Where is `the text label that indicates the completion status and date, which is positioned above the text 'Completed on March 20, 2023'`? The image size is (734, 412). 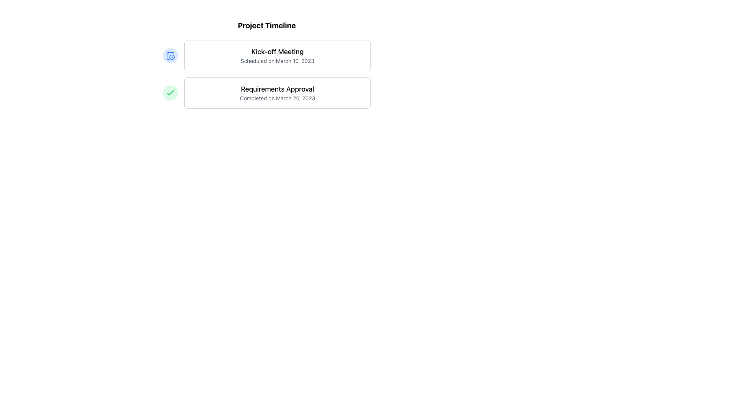 the text label that indicates the completion status and date, which is positioned above the text 'Completed on March 20, 2023' is located at coordinates (277, 89).